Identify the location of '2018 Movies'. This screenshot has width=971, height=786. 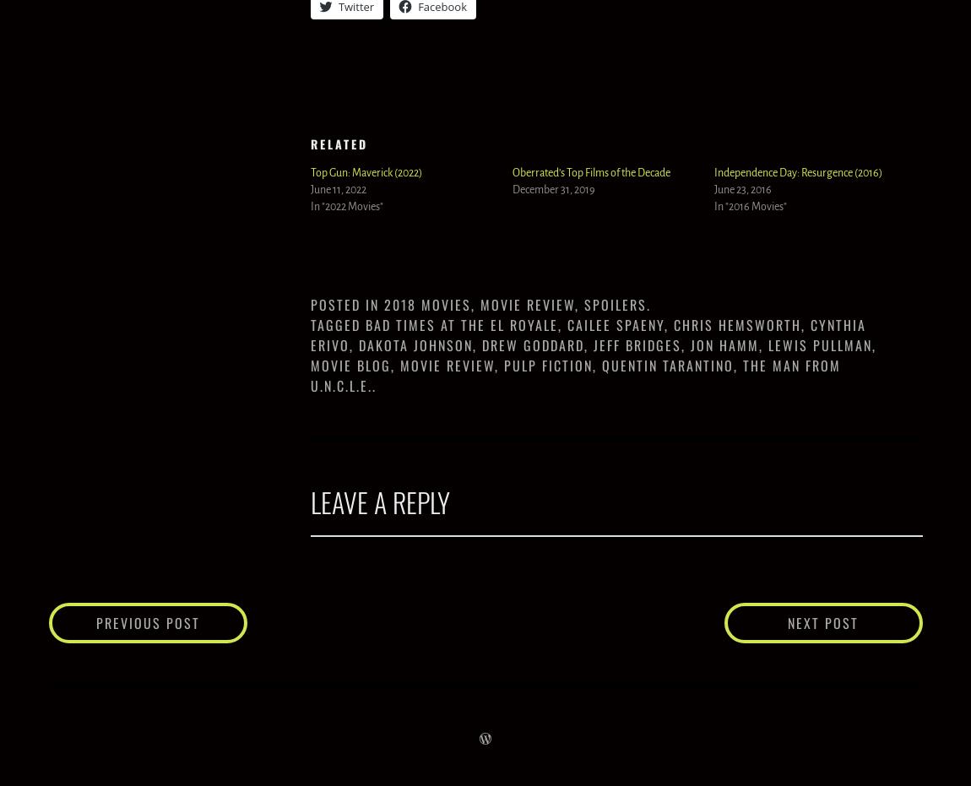
(427, 304).